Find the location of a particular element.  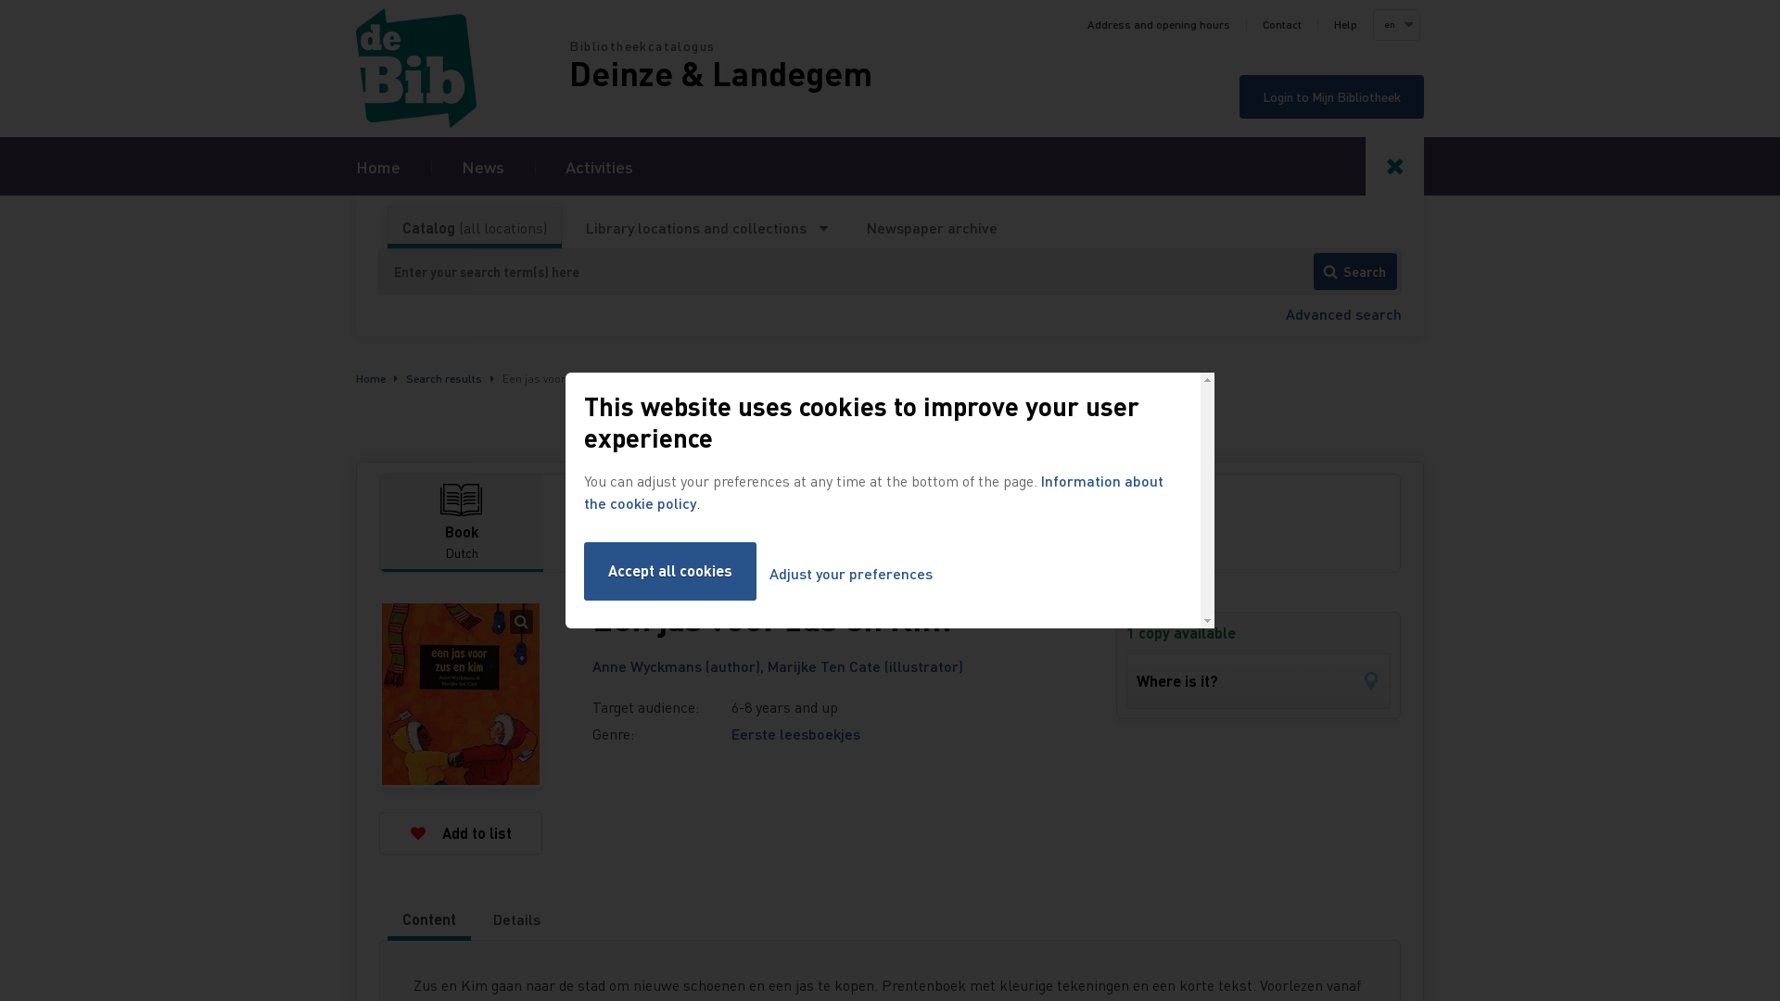

'Eerste leesboekjes' is located at coordinates (795, 732).